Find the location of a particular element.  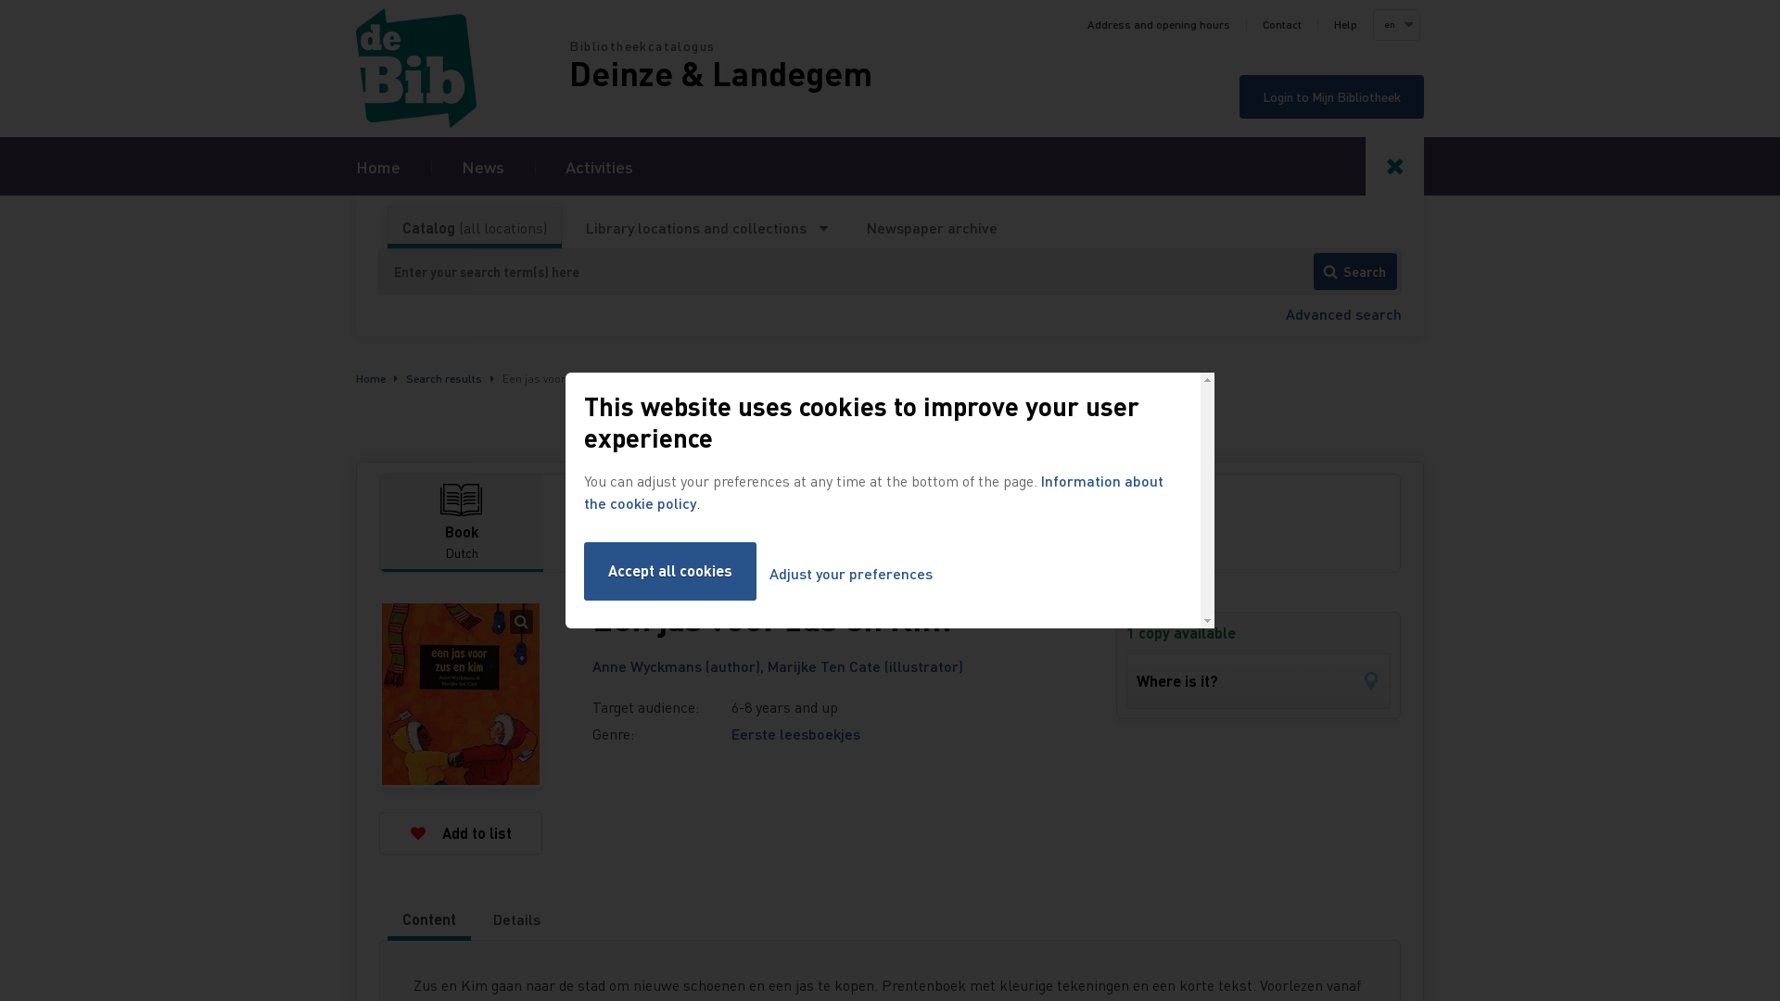

'Eerste leesboekjes' is located at coordinates (795, 732).